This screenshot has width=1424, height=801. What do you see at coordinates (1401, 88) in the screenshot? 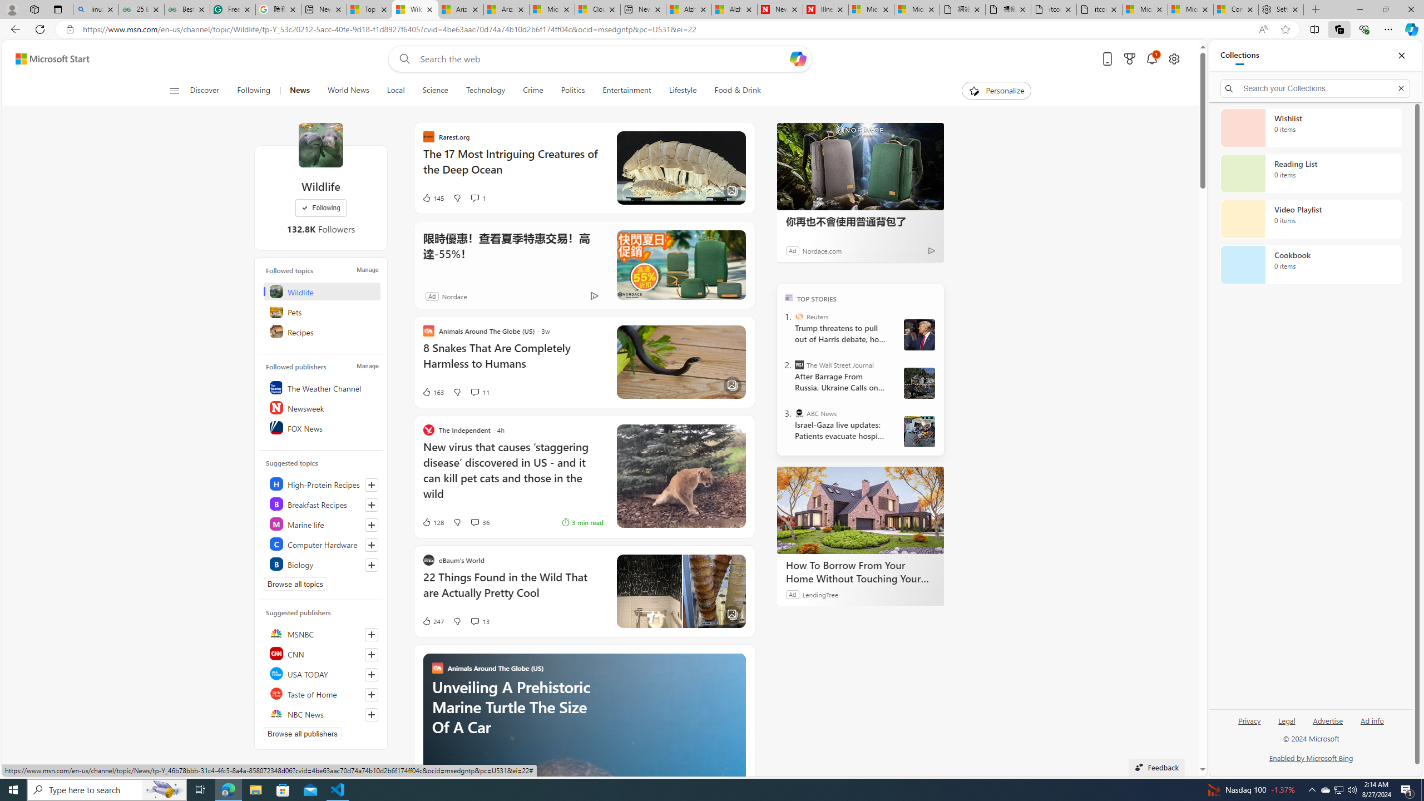
I see `'Exit search'` at bounding box center [1401, 88].